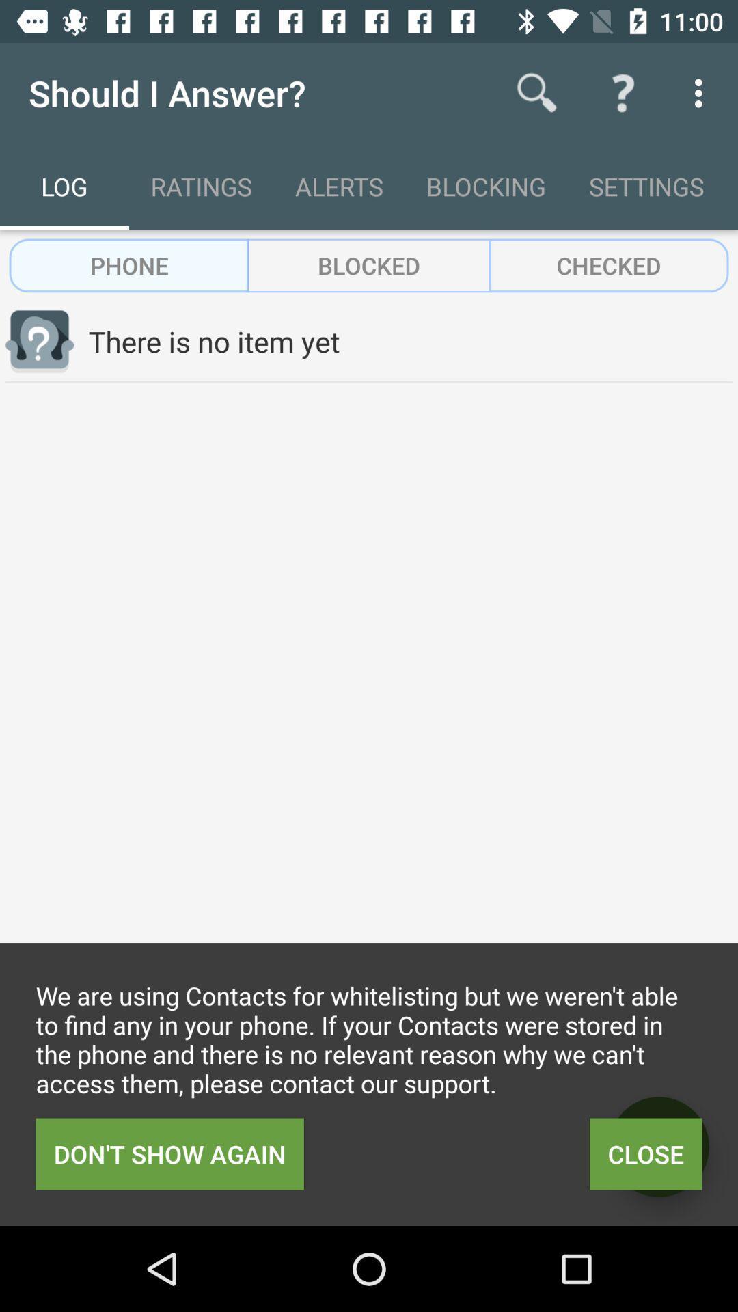 This screenshot has width=738, height=1312. Describe the element at coordinates (646, 1153) in the screenshot. I see `item next to don t show item` at that location.